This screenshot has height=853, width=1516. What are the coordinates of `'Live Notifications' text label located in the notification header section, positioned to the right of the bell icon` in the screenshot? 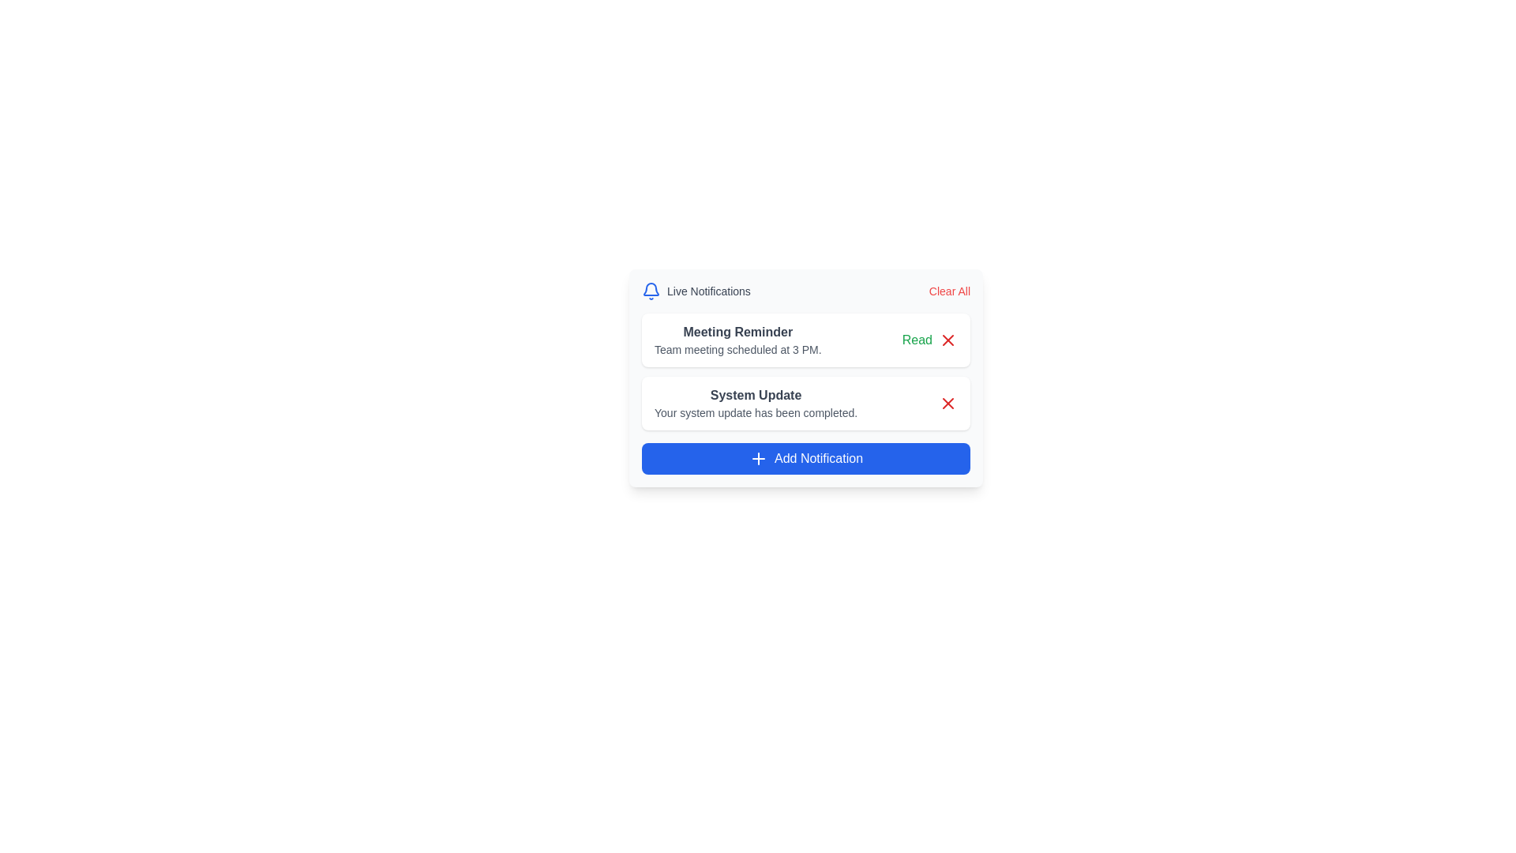 It's located at (707, 291).